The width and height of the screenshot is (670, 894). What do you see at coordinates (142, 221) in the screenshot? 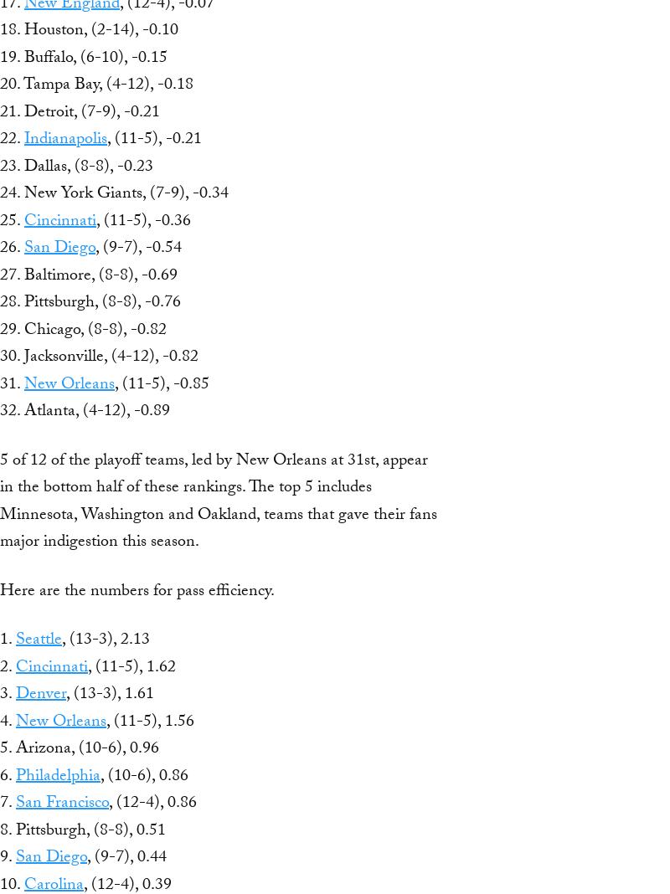
I see `', (11-5), -0.36'` at bounding box center [142, 221].